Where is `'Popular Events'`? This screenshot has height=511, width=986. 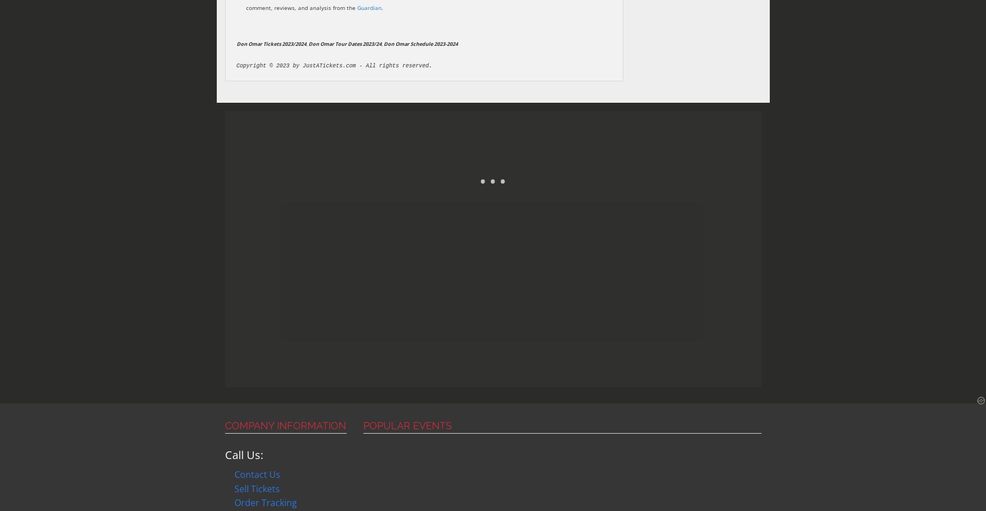 'Popular Events' is located at coordinates (362, 425).